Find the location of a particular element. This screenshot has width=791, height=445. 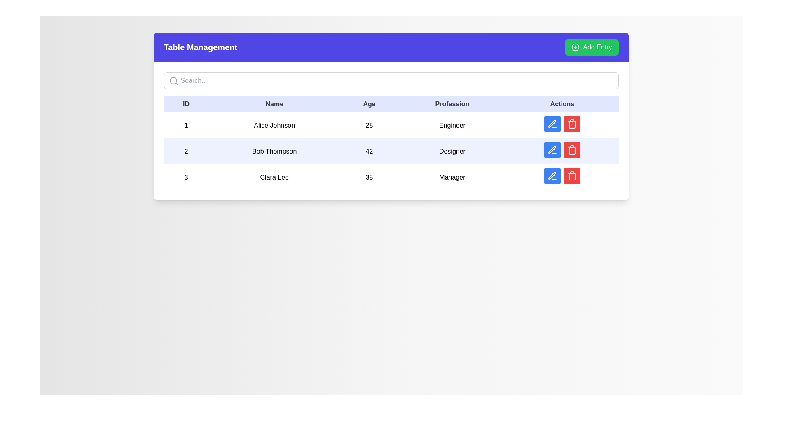

the delete button located in the 'Actions' column of the second row, positioned to the right of the blue edit button is located at coordinates (571, 150).